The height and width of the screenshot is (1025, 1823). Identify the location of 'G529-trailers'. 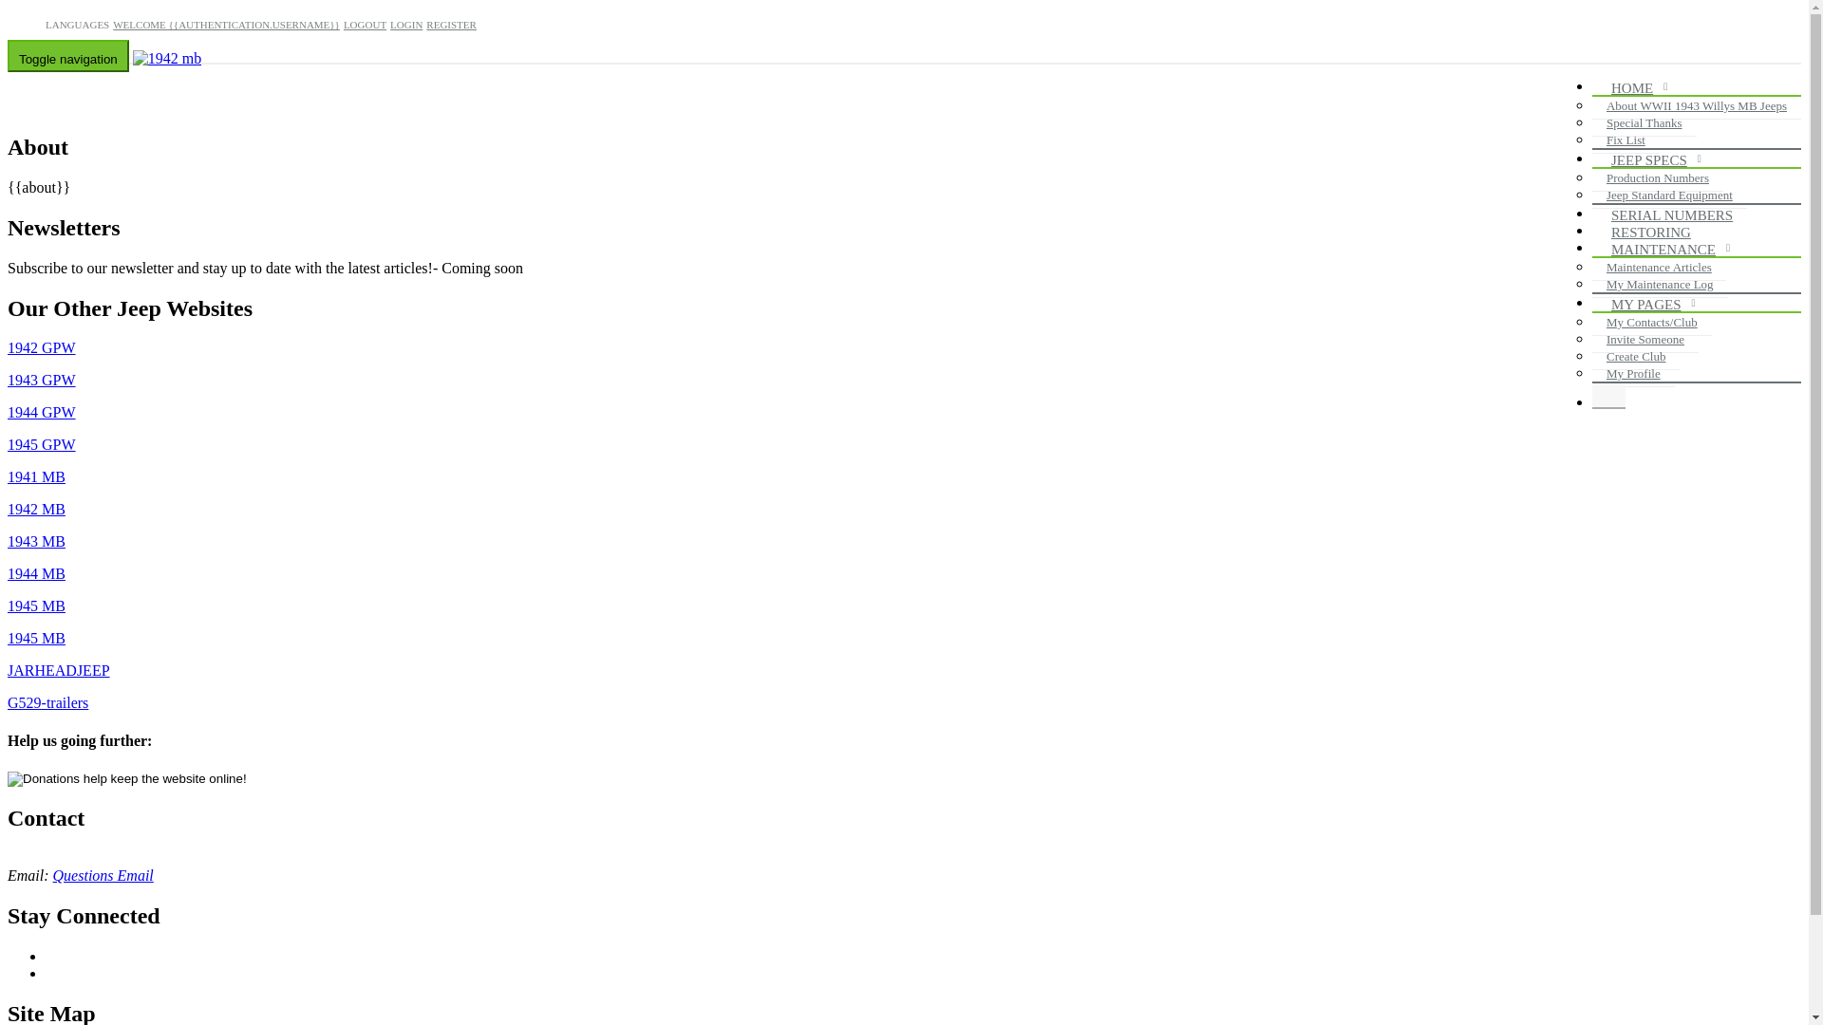
(8, 702).